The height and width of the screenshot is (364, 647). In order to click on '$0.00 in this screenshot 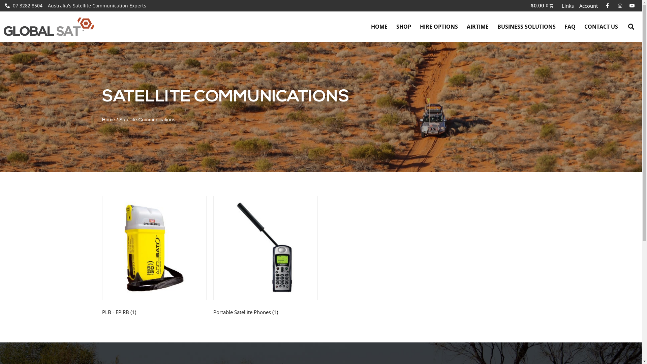, I will do `click(542, 5)`.